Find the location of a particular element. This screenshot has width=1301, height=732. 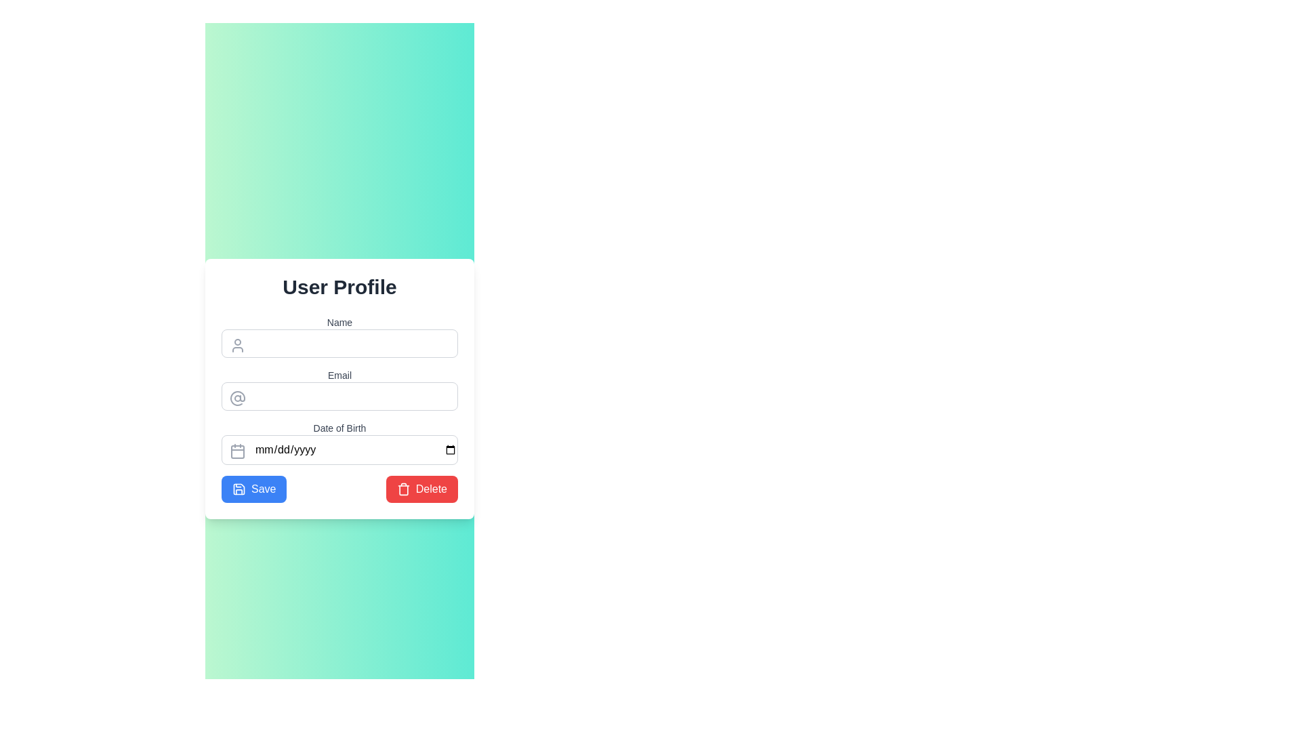

the save action icon, which is represented by a floppy disk symbol located on the left side of the 'Save' button is located at coordinates (239, 489).